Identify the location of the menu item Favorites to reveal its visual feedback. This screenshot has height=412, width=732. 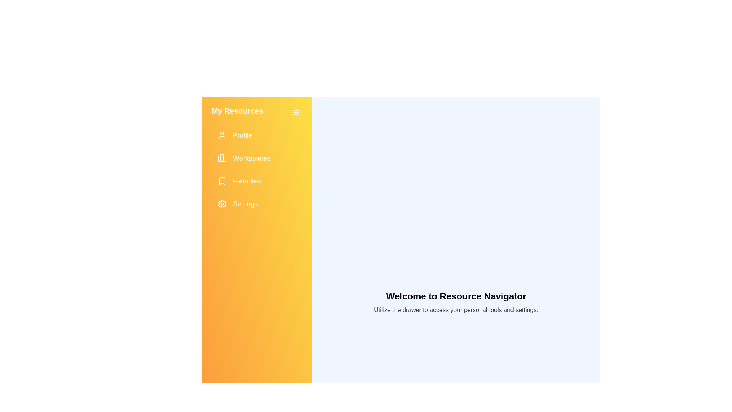
(257, 181).